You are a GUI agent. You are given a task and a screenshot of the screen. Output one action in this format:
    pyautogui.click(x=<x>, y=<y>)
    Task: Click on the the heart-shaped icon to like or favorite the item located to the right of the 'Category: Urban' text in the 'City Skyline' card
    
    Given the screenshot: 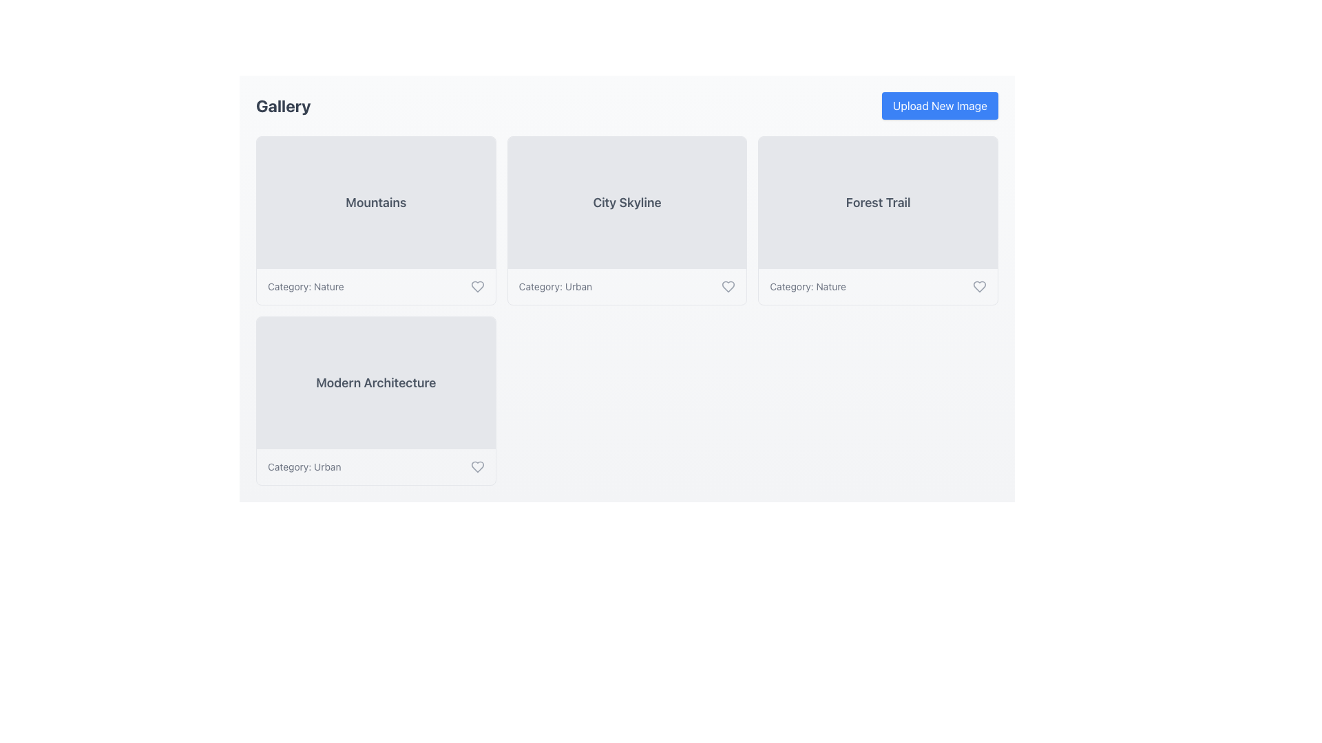 What is the action you would take?
    pyautogui.click(x=728, y=286)
    